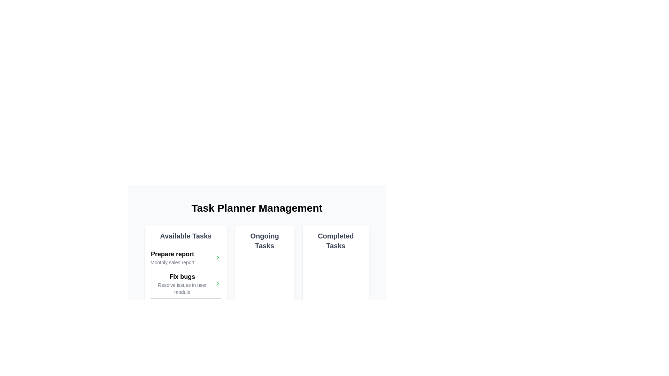 The image size is (669, 376). What do you see at coordinates (186, 236) in the screenshot?
I see `the static title label at the top of the task management card, which indicates the purpose of the section below it` at bounding box center [186, 236].